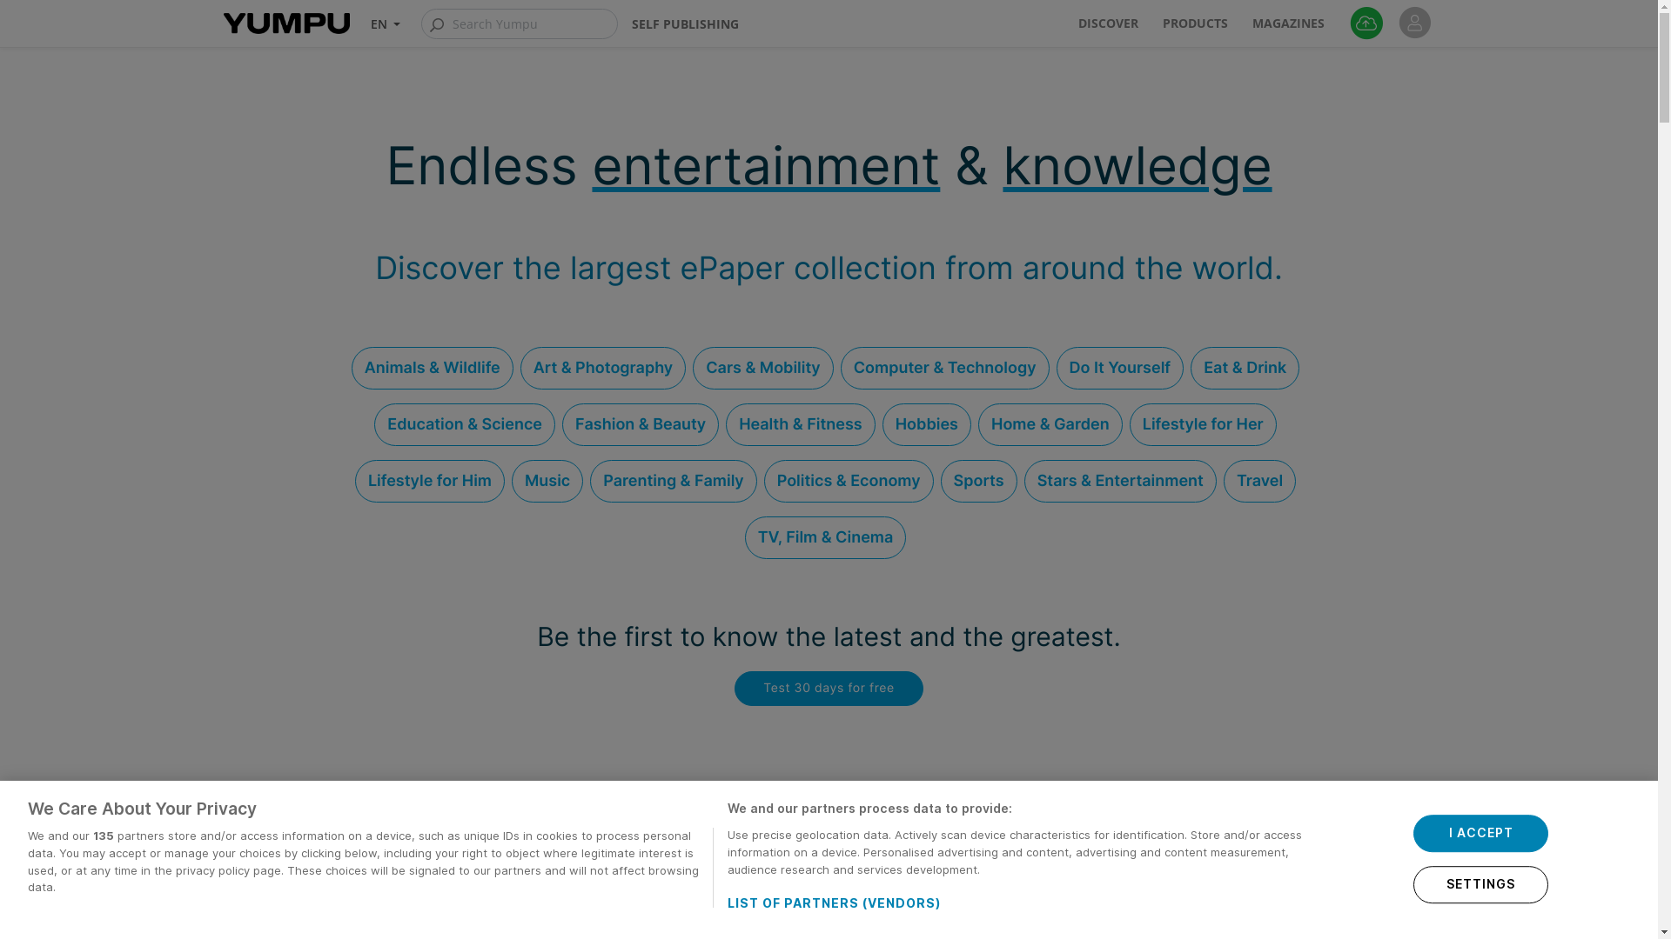 This screenshot has height=939, width=1671. I want to click on 'Education & Science', so click(464, 424).